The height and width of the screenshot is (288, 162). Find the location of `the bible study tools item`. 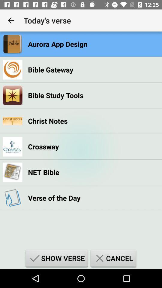

the bible study tools item is located at coordinates (55, 95).